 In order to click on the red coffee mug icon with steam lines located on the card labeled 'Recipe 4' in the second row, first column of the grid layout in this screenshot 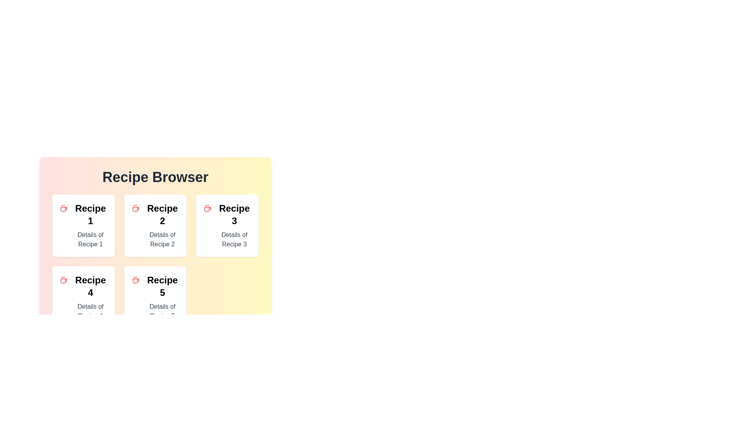, I will do `click(64, 279)`.